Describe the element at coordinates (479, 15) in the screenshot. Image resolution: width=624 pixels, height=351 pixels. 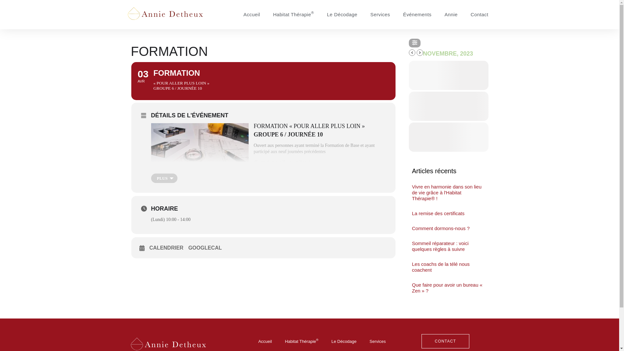
I see `'Contact'` at that location.